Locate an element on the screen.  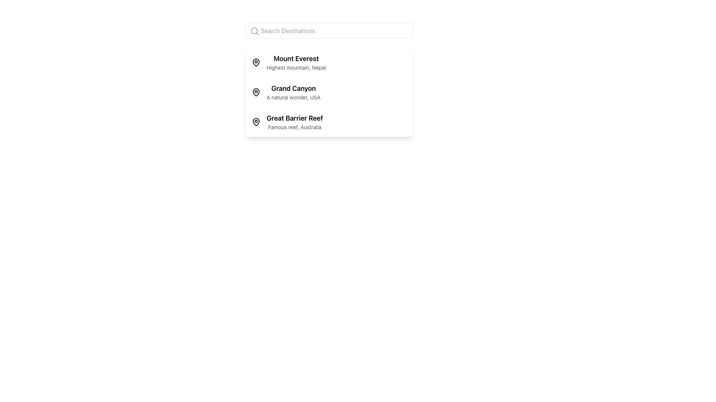
the text label reading 'Highest mountain, Nepal' located below the title 'Mount Everest' in the dropdown menu is located at coordinates (296, 67).